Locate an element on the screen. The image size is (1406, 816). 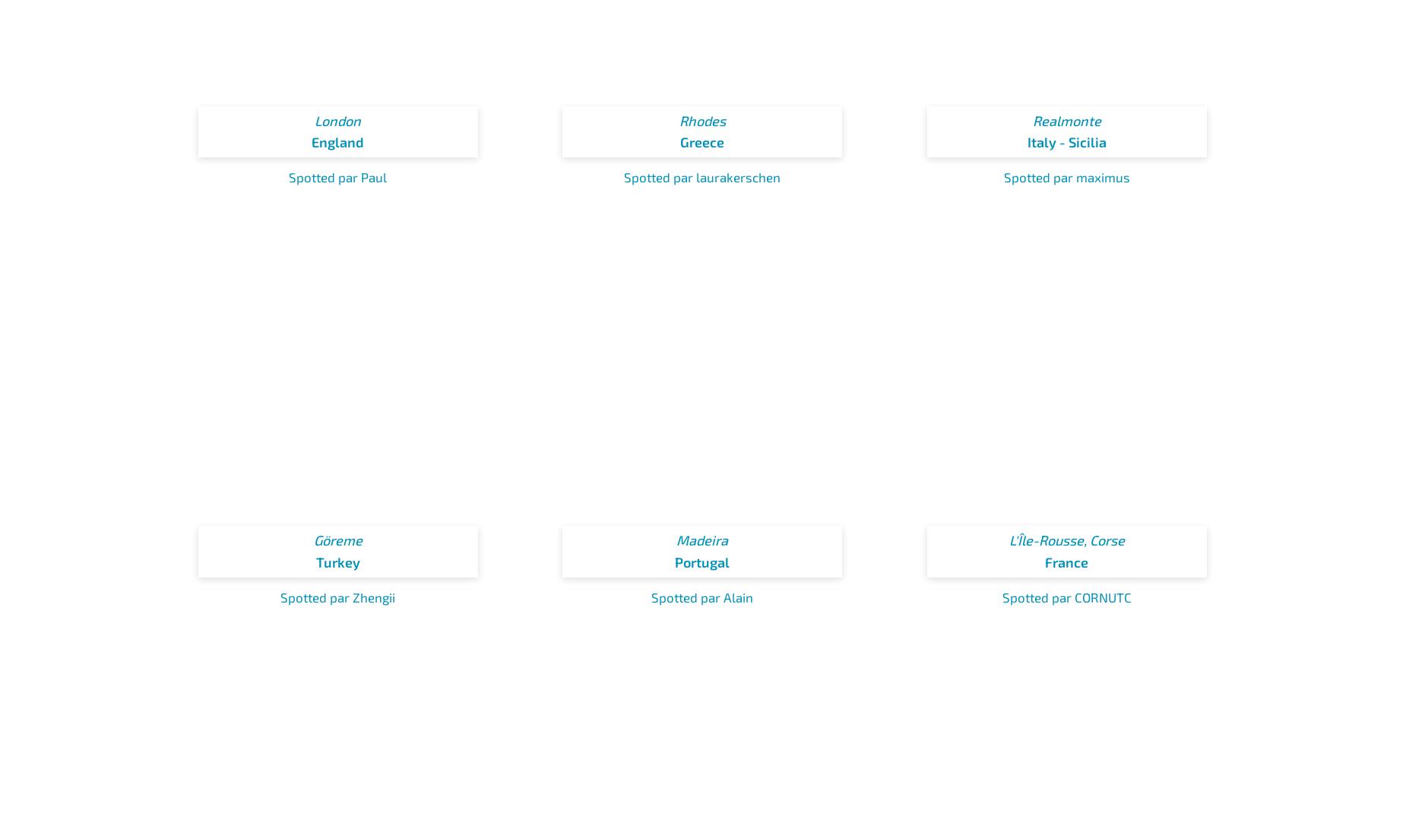
'France' is located at coordinates (1066, 561).